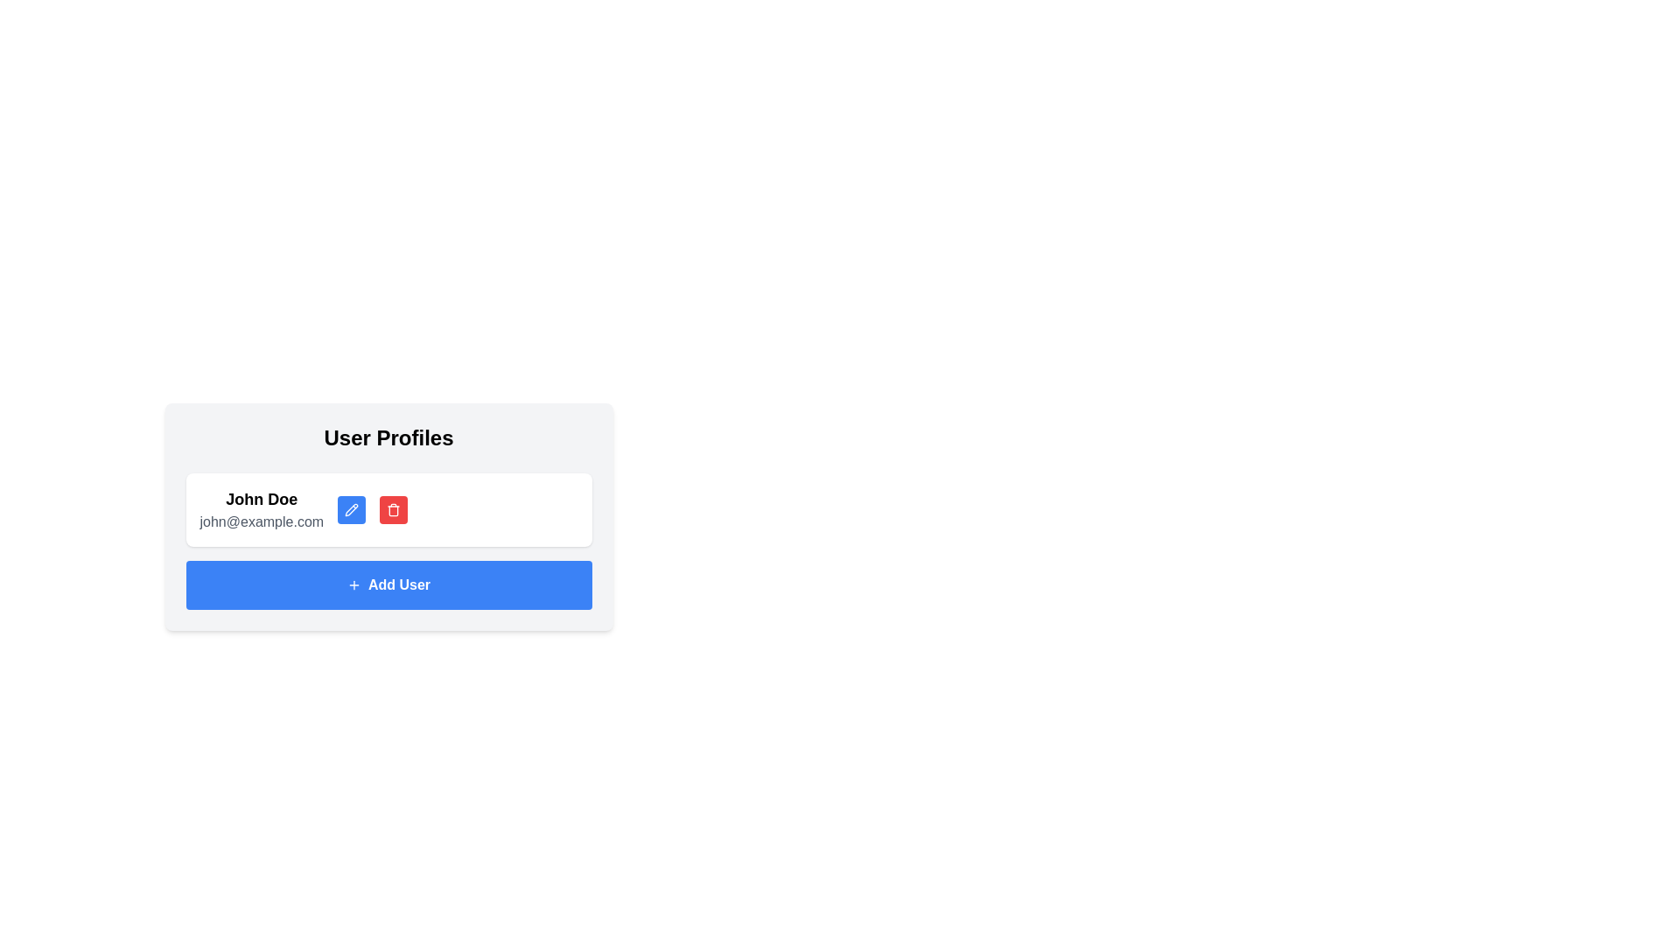 The width and height of the screenshot is (1680, 945). What do you see at coordinates (353, 584) in the screenshot?
I see `the addition icon located inside the 'Add User' button at the bottom of the user profile section, which is visually represented by an SVG icon to the left of the white text on a blue background` at bounding box center [353, 584].